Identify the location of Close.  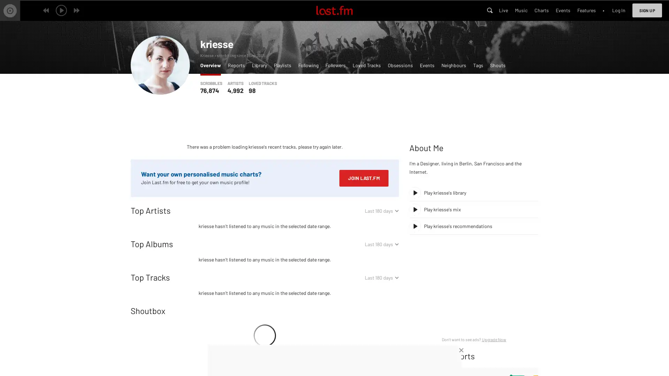
(461, 350).